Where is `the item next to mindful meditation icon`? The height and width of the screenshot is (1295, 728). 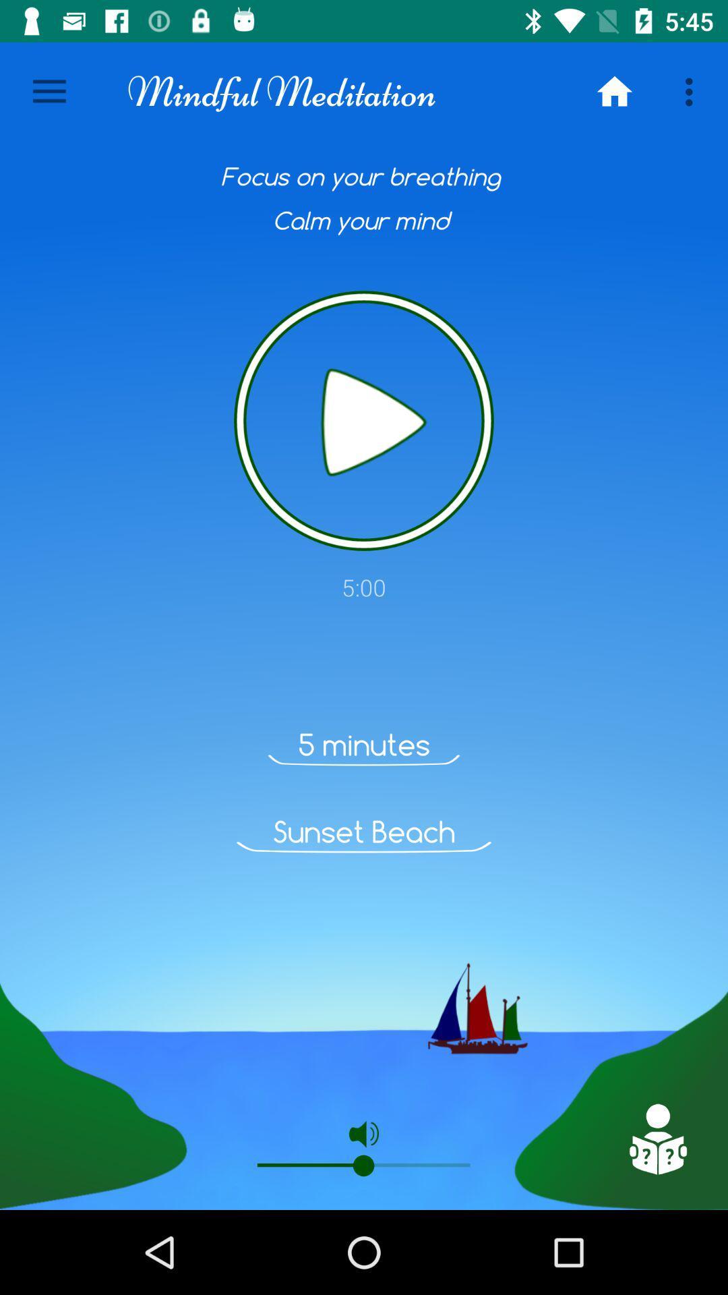 the item next to mindful meditation icon is located at coordinates (49, 91).